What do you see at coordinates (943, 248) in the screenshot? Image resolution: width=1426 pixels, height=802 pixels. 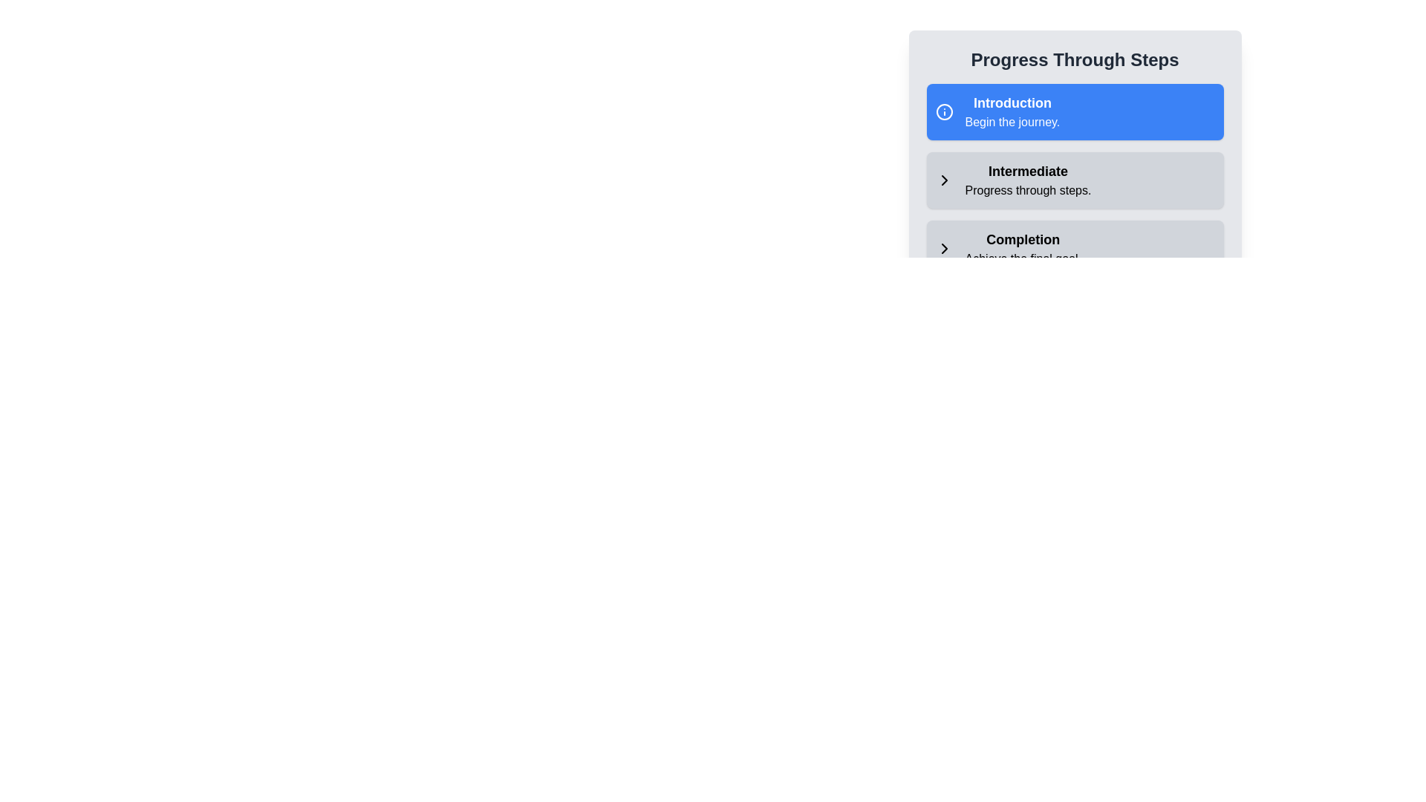 I see `the visual indicator for the step 3` at bounding box center [943, 248].